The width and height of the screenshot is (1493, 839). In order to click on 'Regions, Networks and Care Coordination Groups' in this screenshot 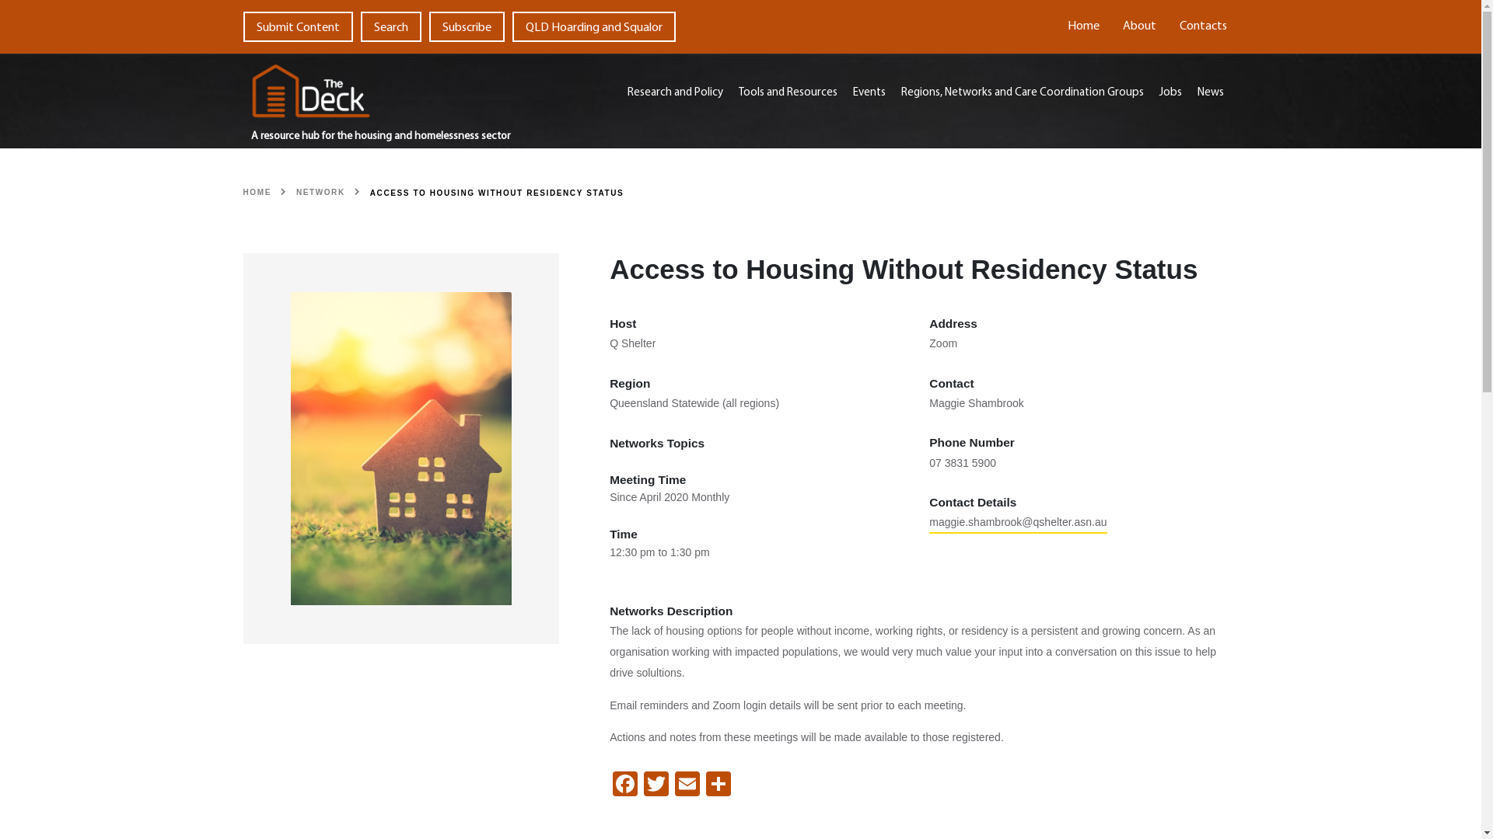, I will do `click(1023, 93)`.